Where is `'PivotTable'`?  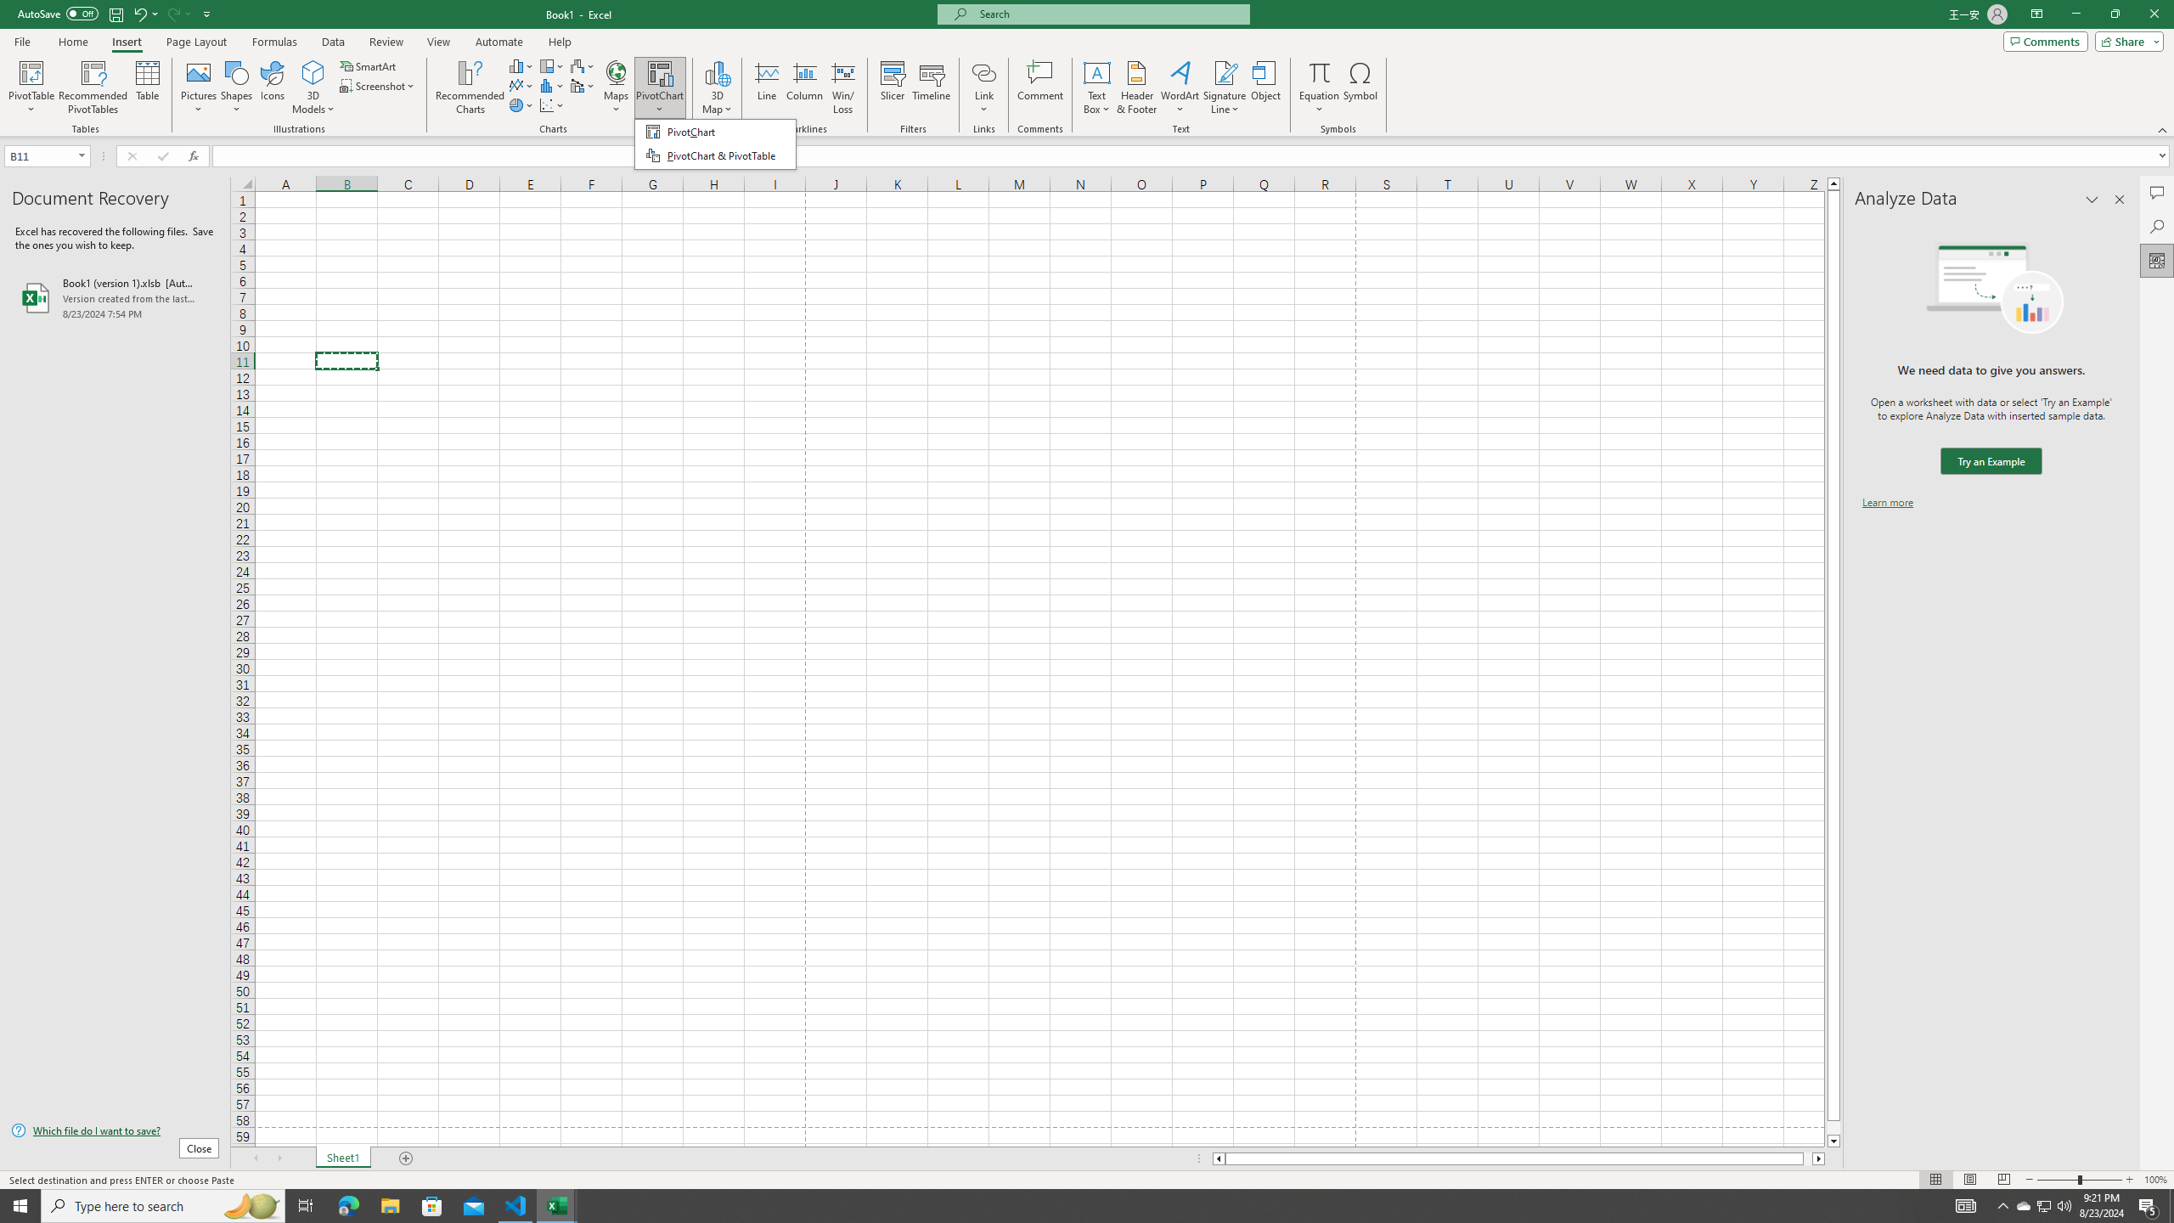
'PivotTable' is located at coordinates (31, 71).